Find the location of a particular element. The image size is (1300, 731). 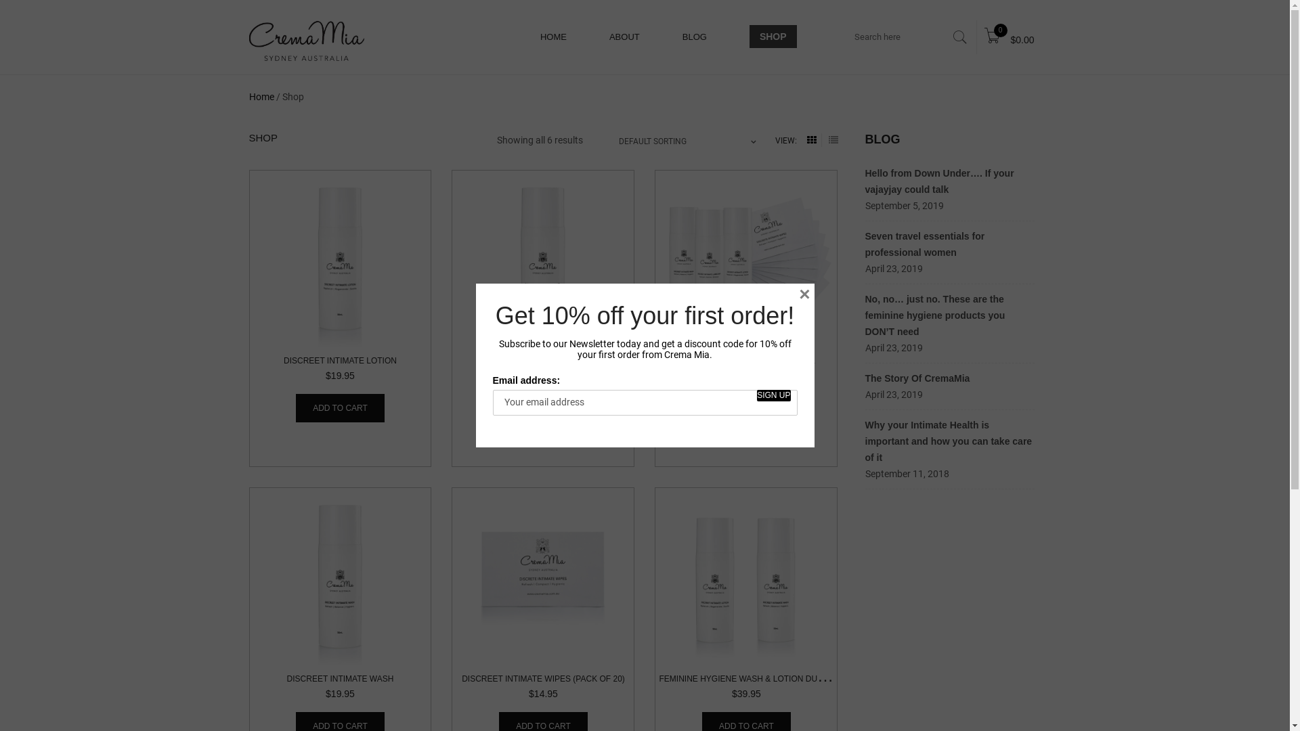

'The Story Of CremaMia' is located at coordinates (917, 378).